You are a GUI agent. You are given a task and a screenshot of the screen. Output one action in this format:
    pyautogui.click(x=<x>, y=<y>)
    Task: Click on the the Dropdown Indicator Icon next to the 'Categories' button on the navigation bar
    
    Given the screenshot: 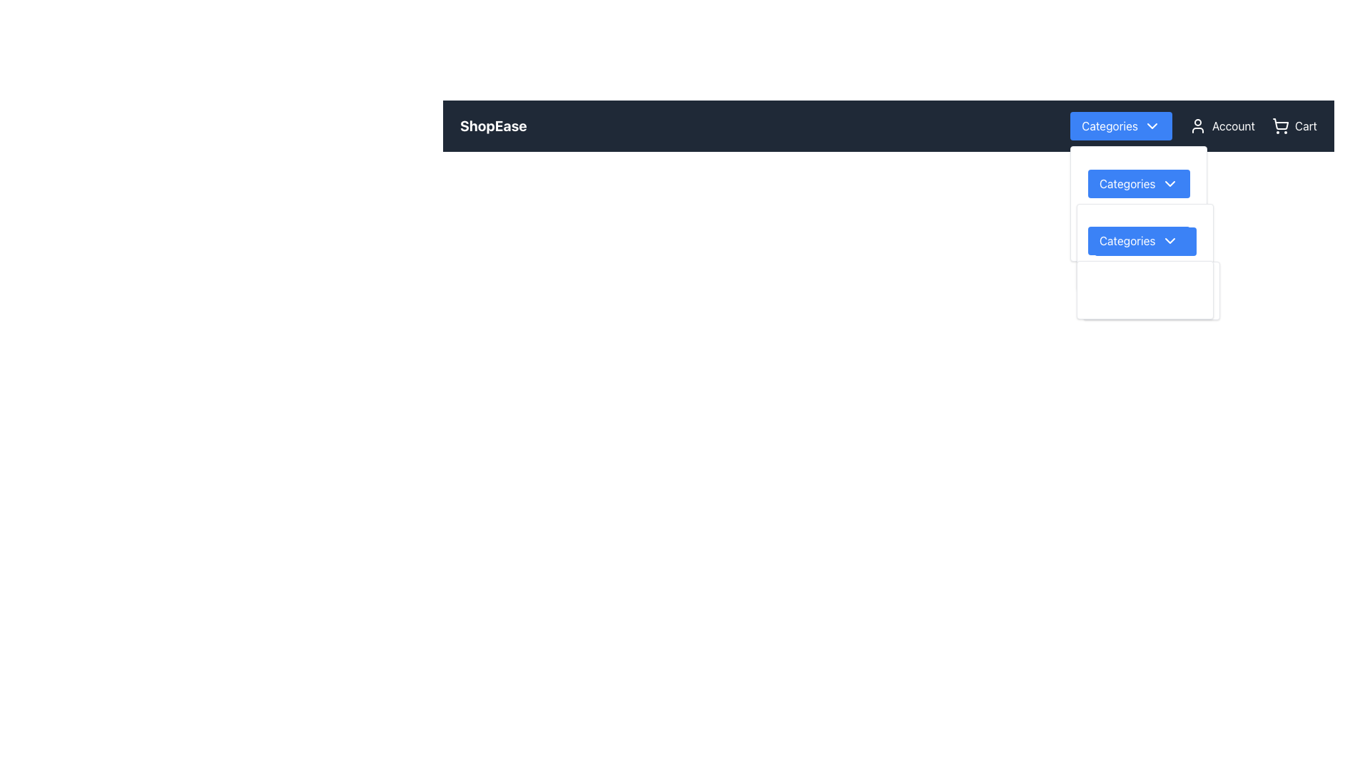 What is the action you would take?
    pyautogui.click(x=1152, y=125)
    